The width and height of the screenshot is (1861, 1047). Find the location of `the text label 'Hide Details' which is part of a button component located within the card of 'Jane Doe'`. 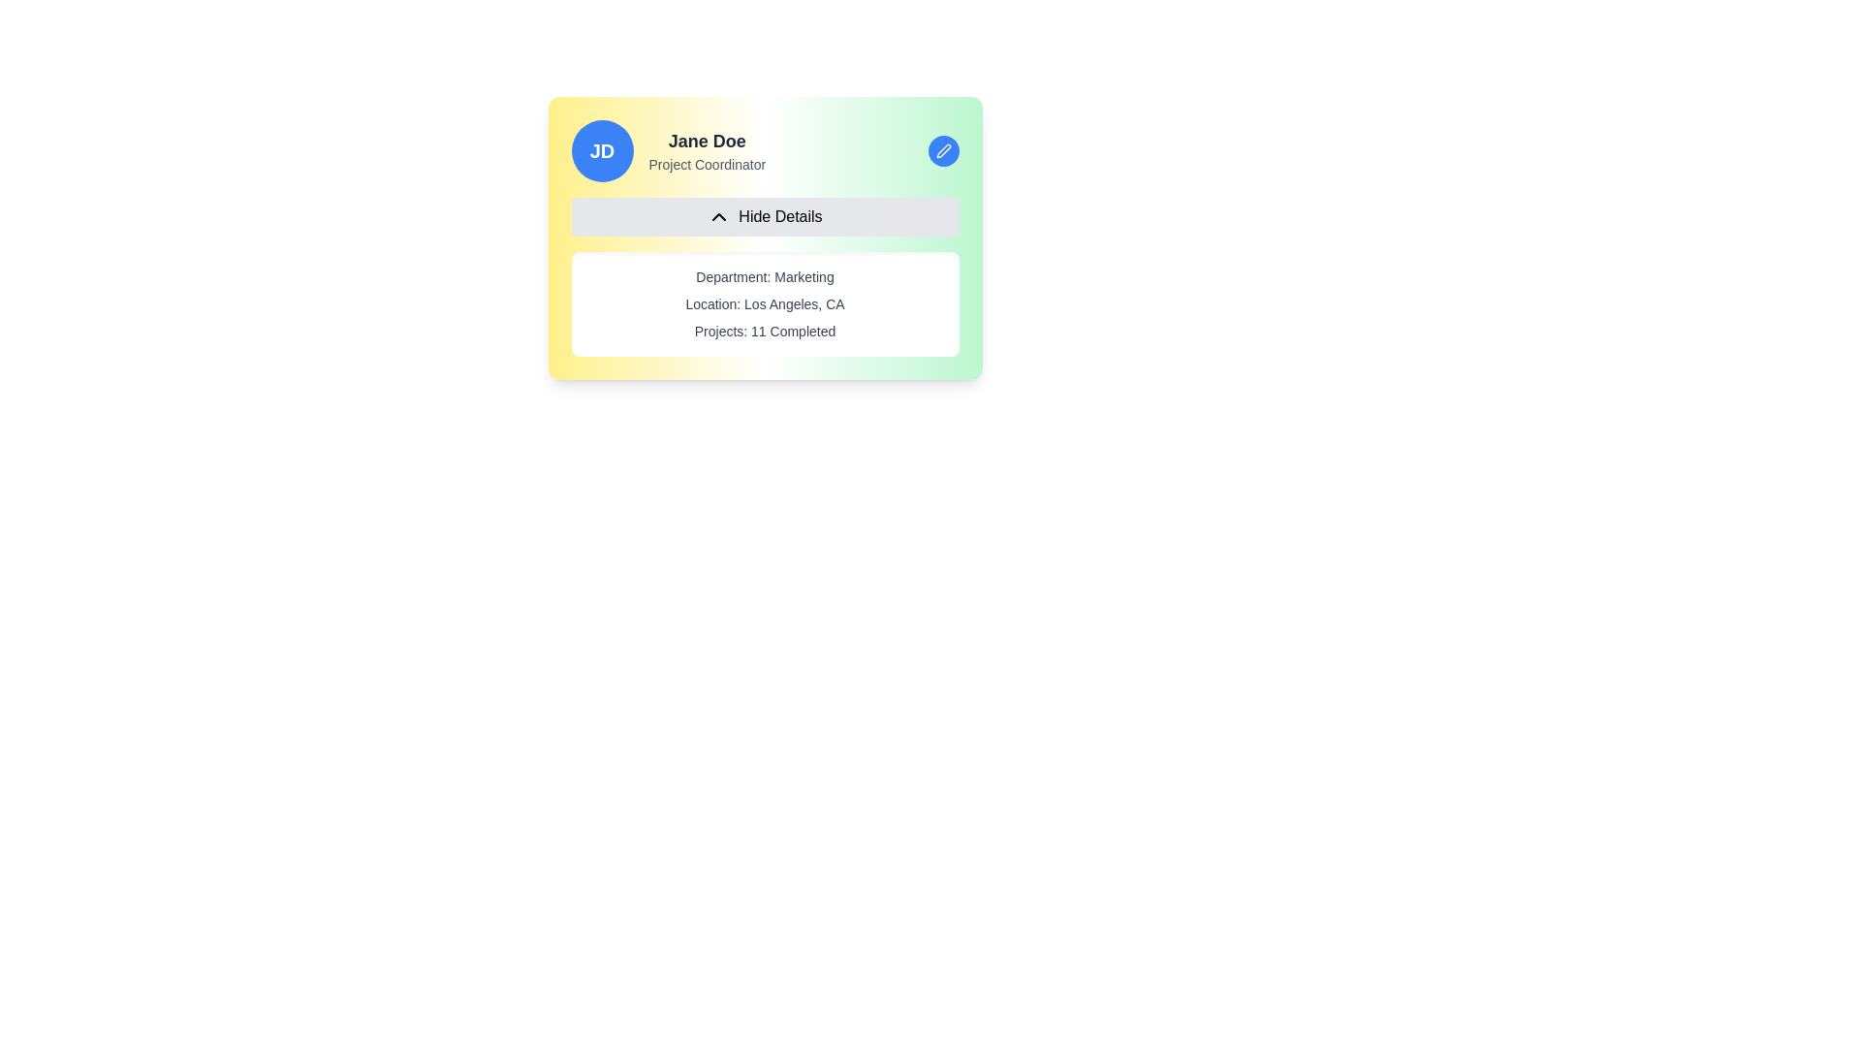

the text label 'Hide Details' which is part of a button component located within the card of 'Jane Doe' is located at coordinates (780, 216).